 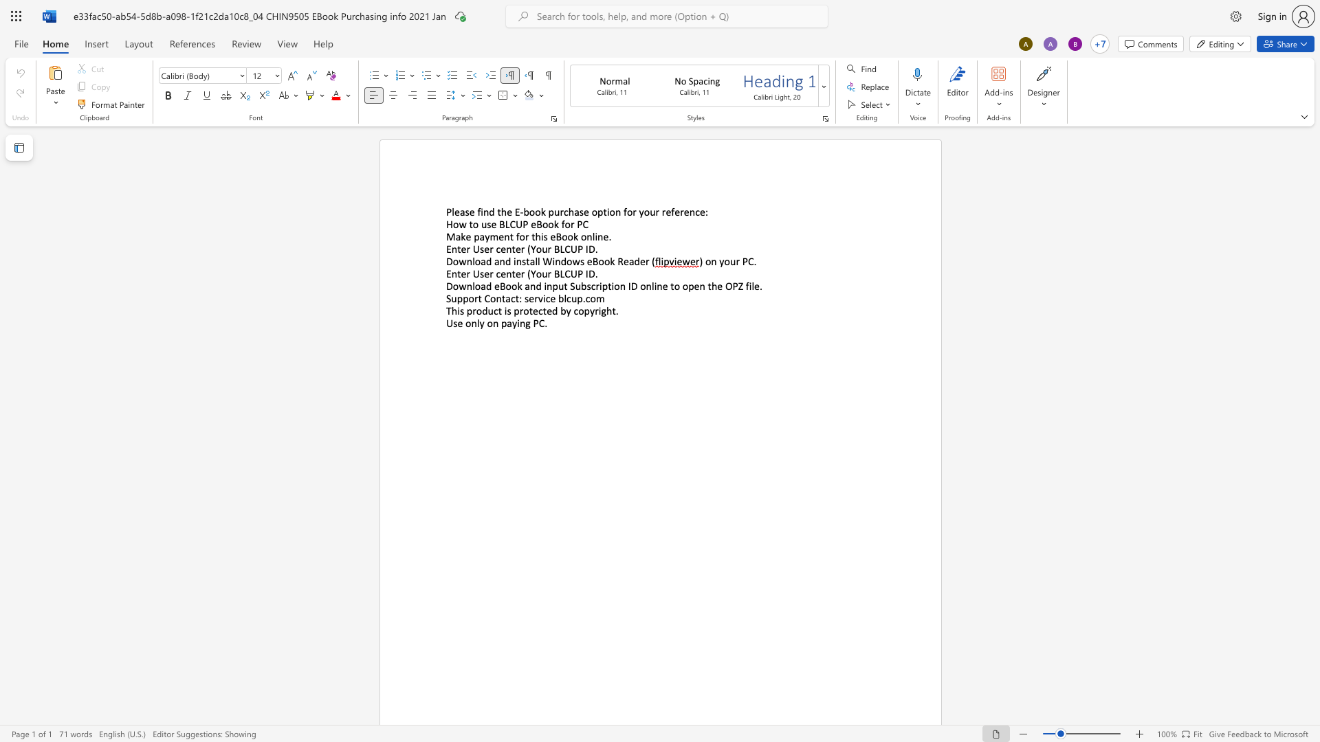 What do you see at coordinates (525, 311) in the screenshot?
I see `the 2th character "o" in the text` at bounding box center [525, 311].